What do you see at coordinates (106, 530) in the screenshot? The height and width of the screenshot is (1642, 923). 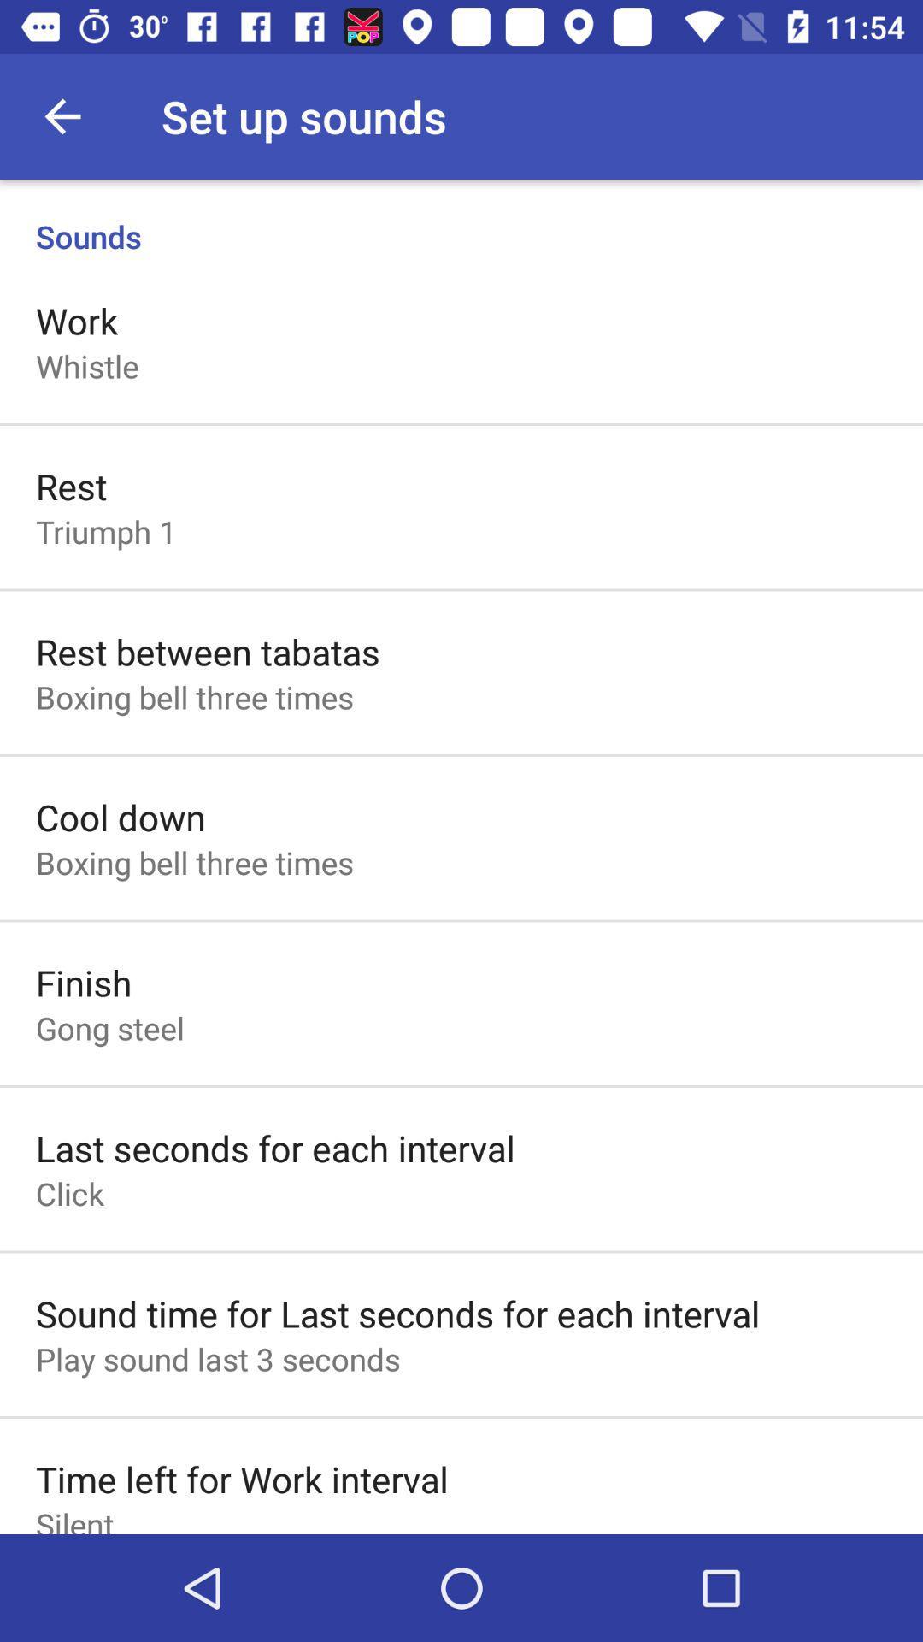 I see `triumph 1 item` at bounding box center [106, 530].